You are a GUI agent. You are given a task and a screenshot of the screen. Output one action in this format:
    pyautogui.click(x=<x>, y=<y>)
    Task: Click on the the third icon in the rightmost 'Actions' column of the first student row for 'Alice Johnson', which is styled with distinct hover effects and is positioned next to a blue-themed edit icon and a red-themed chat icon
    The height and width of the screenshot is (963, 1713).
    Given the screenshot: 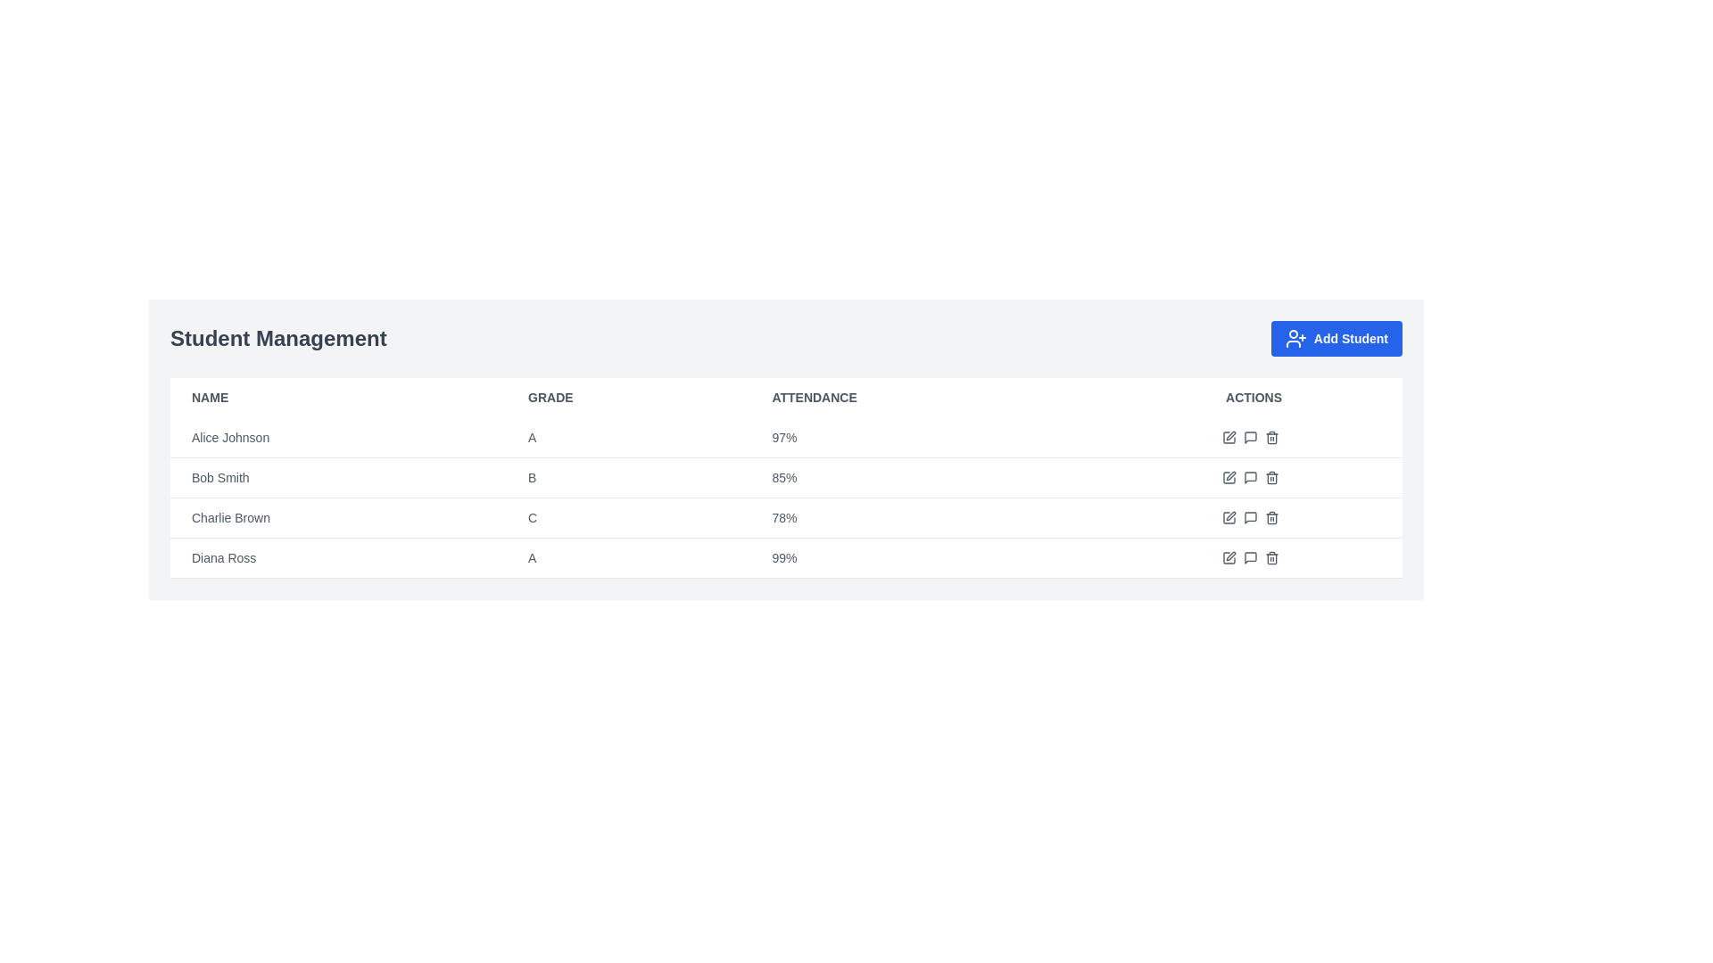 What is the action you would take?
    pyautogui.click(x=1253, y=437)
    